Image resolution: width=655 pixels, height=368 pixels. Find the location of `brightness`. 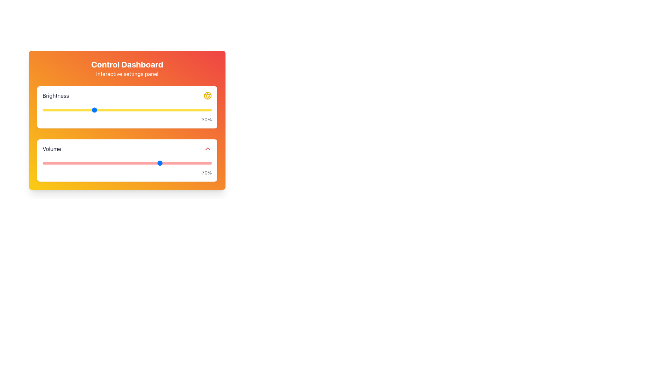

brightness is located at coordinates (154, 110).